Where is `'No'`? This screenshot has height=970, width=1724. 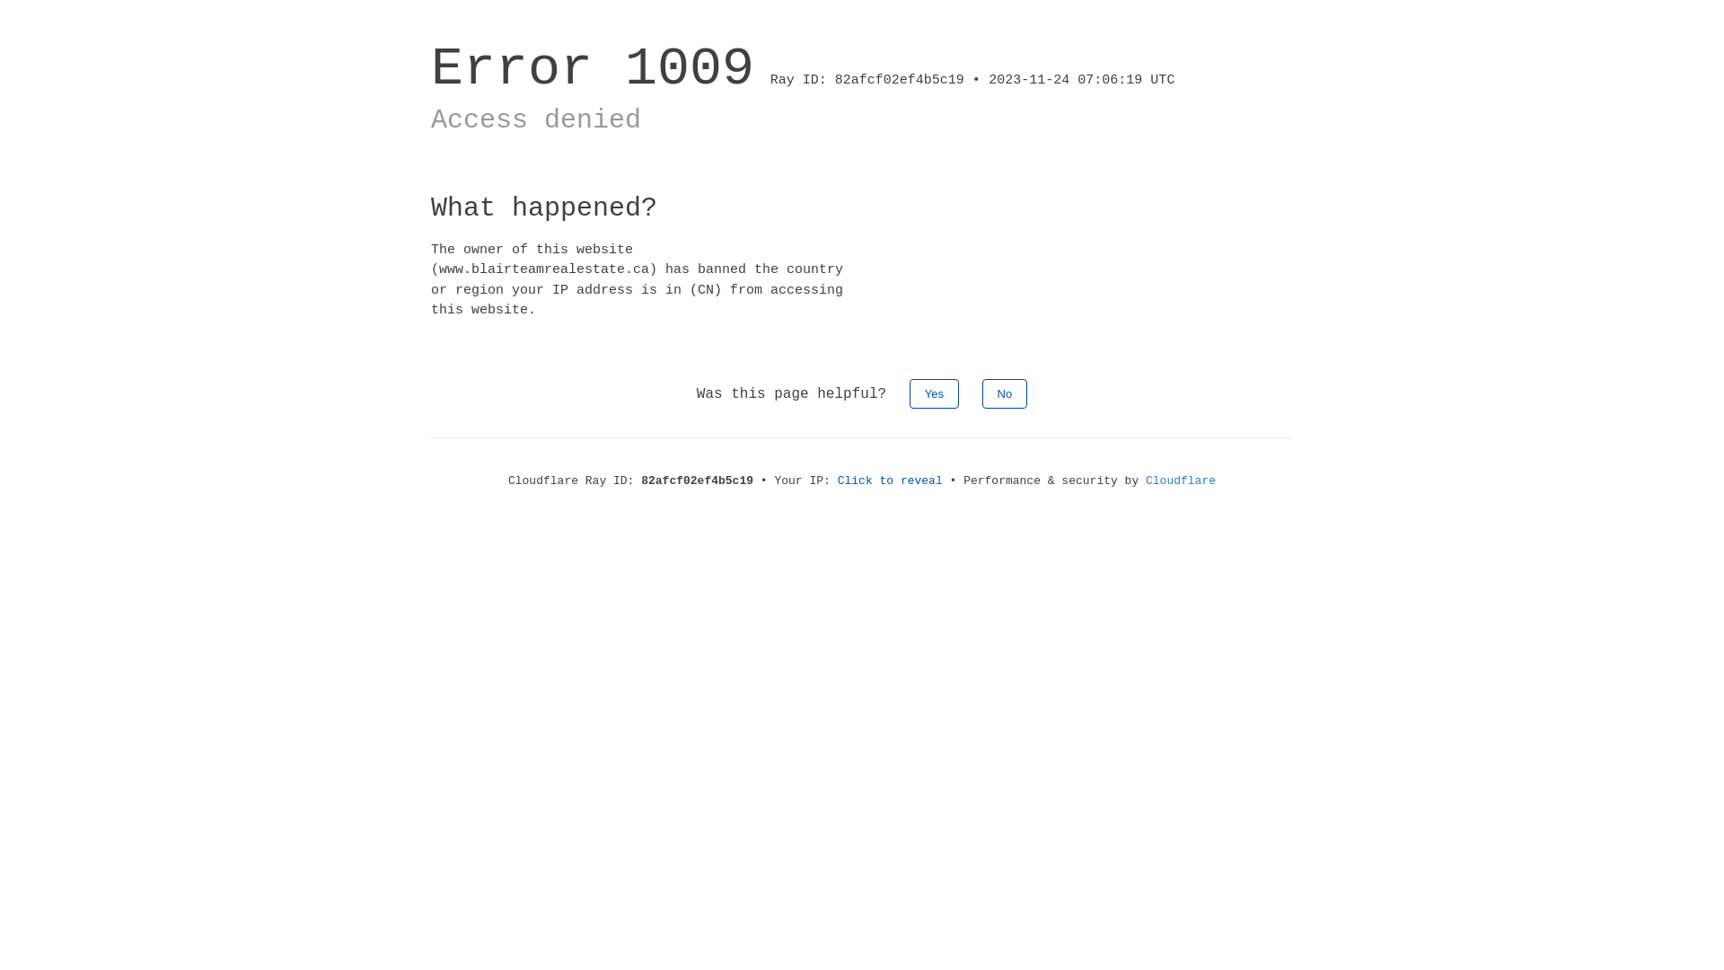 'No' is located at coordinates (1004, 392).